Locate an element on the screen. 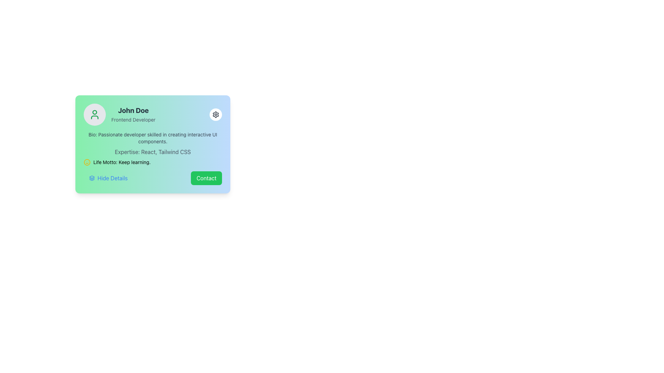 This screenshot has height=373, width=664. the gear icon in the top-right corner of the user profile card that provides access to settings or options is located at coordinates (215, 114).